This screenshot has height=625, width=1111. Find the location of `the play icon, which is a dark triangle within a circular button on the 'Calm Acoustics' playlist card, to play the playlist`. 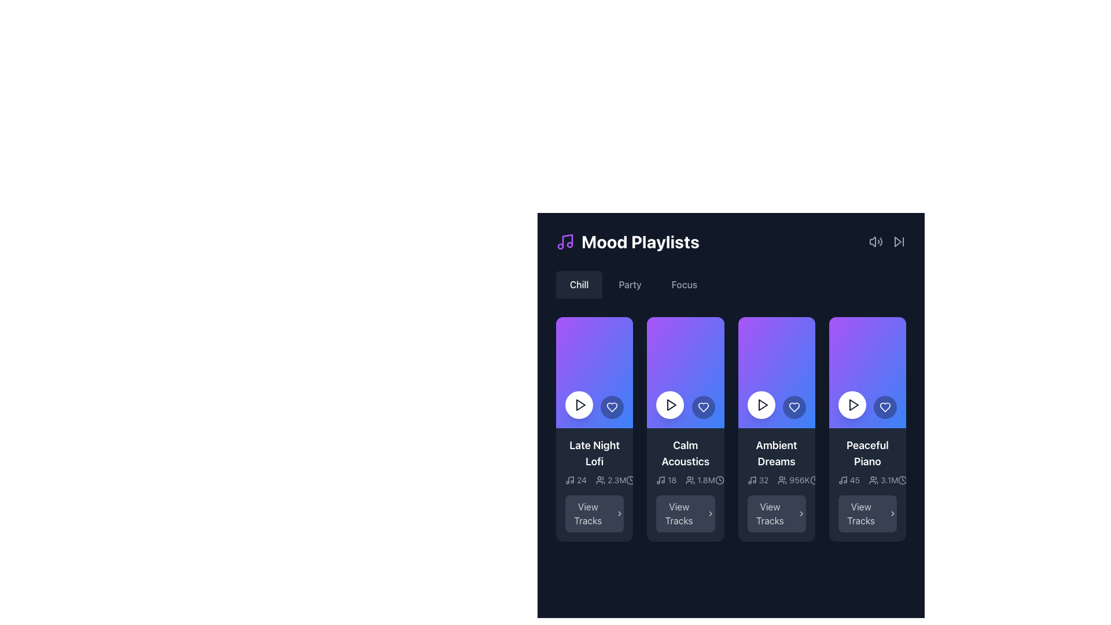

the play icon, which is a dark triangle within a circular button on the 'Calm Acoustics' playlist card, to play the playlist is located at coordinates (671, 404).